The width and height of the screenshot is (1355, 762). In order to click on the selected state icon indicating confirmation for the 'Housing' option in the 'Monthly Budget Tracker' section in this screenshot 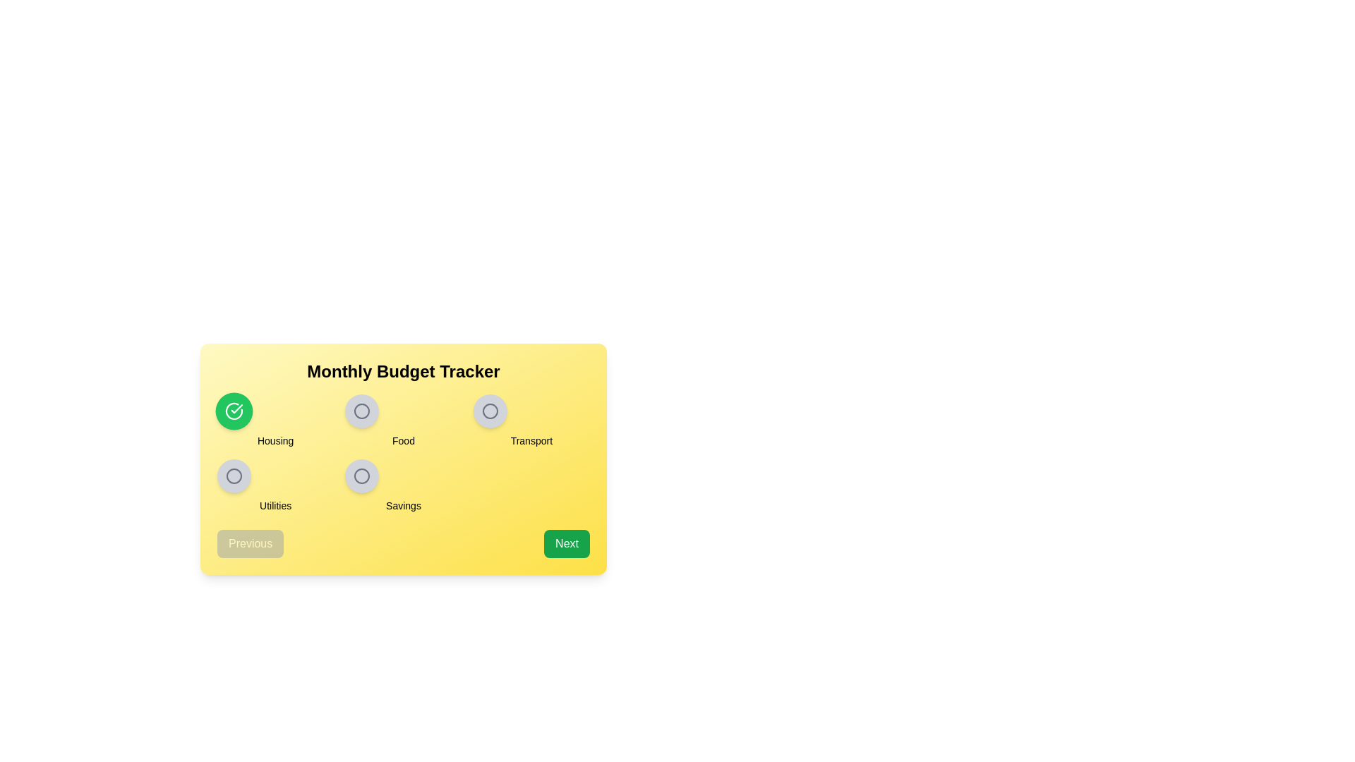, I will do `click(234, 411)`.